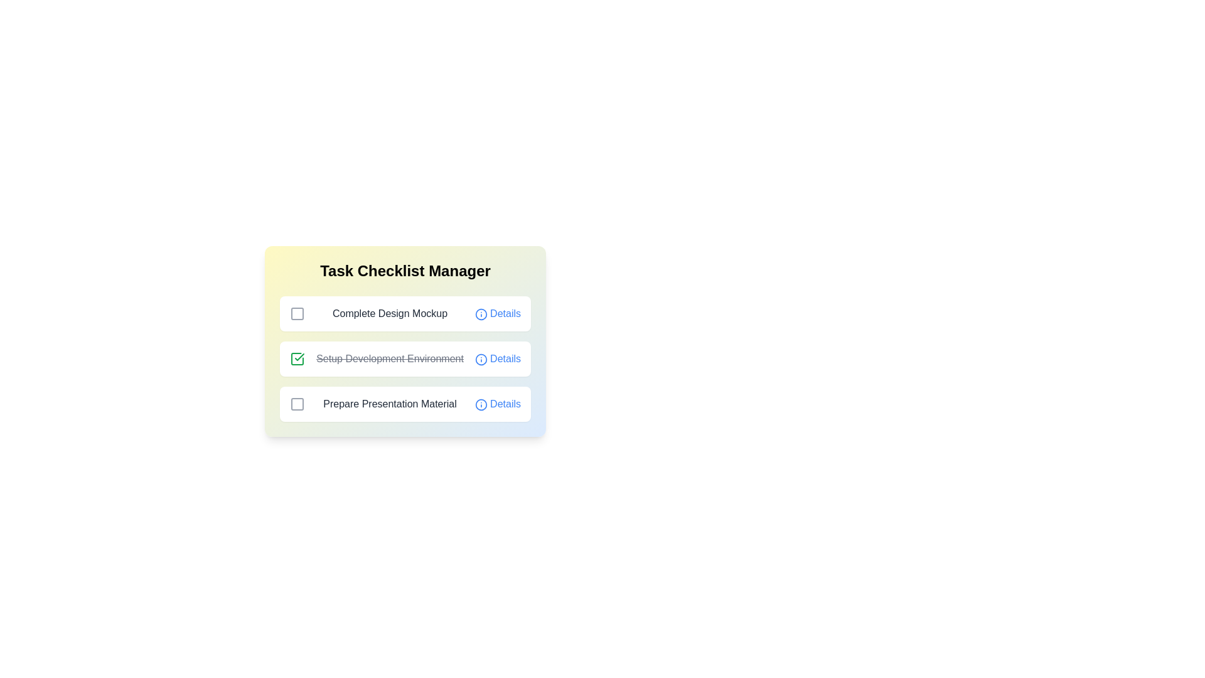 This screenshot has width=1205, height=678. Describe the element at coordinates (497, 313) in the screenshot. I see `the 'Details' button for the task identified by Complete Design Mockup` at that location.